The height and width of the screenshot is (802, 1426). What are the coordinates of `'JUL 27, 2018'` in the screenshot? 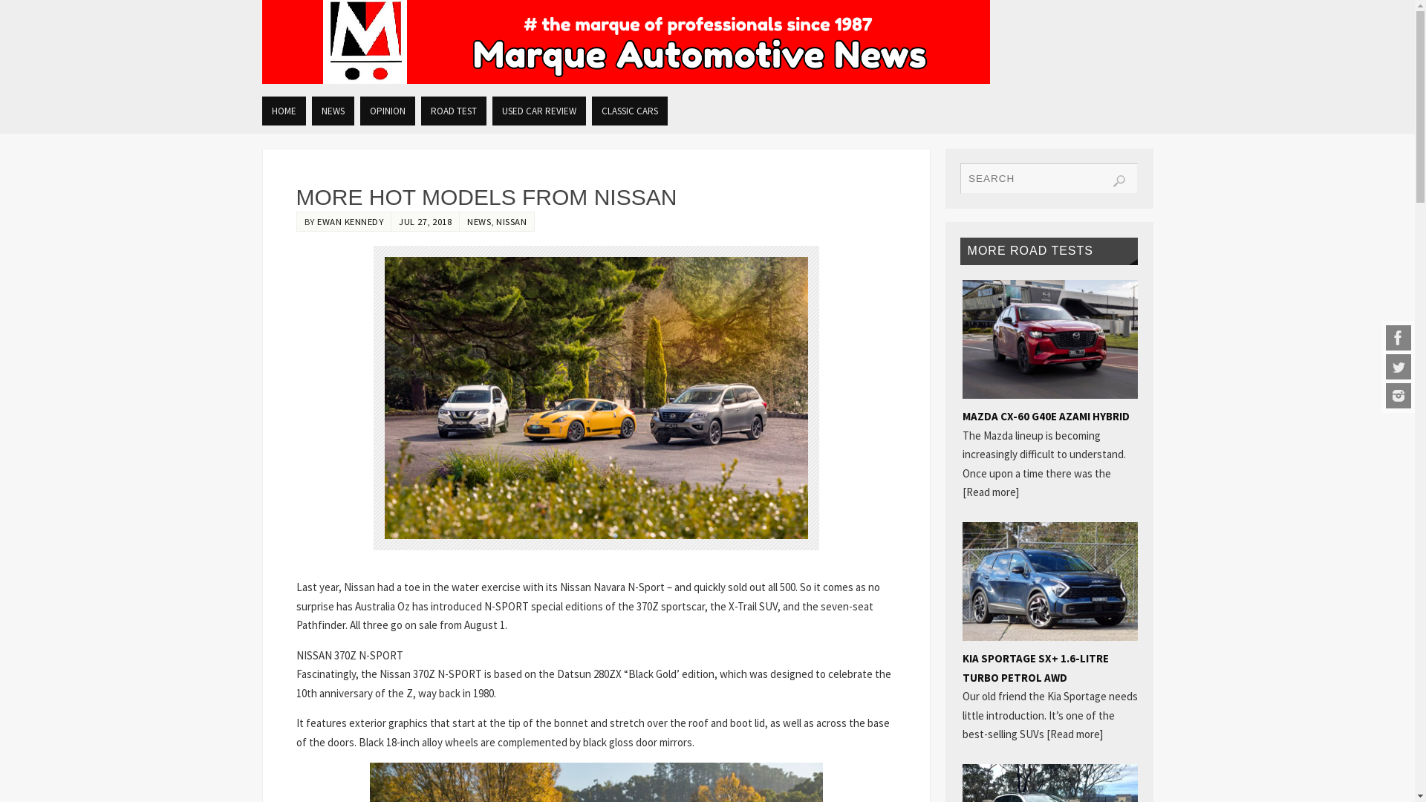 It's located at (424, 221).